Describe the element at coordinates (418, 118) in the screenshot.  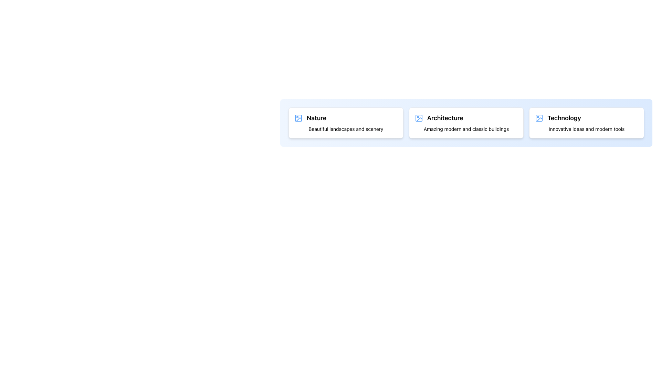
I see `the small SVG icon resembling a generic image symbol, which is located at the top-left of the 'Architecture' card, preceding the text 'Architecture'` at that location.